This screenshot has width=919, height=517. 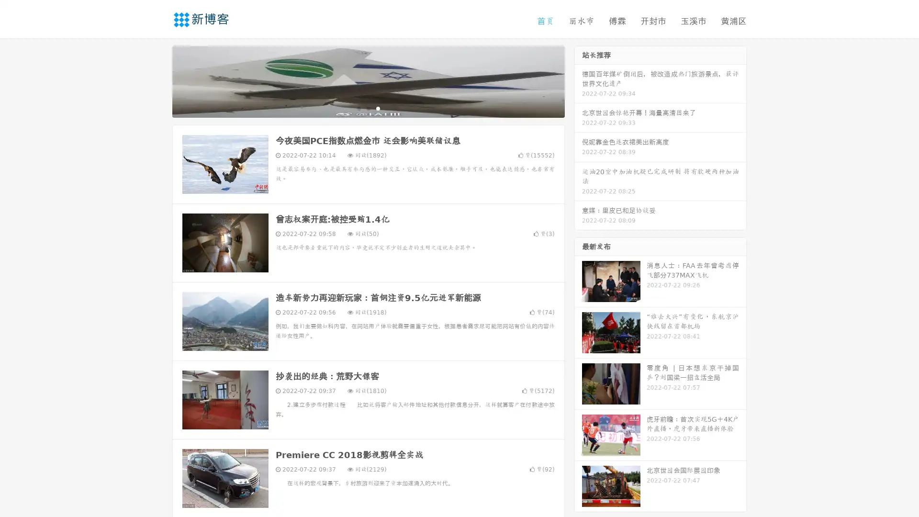 What do you see at coordinates (358, 108) in the screenshot?
I see `Go to slide 1` at bounding box center [358, 108].